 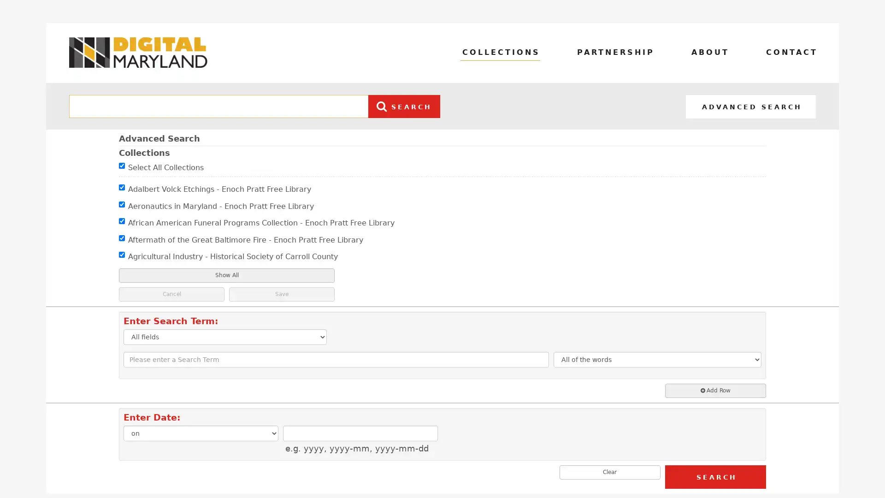 What do you see at coordinates (714, 391) in the screenshot?
I see `Add Row` at bounding box center [714, 391].